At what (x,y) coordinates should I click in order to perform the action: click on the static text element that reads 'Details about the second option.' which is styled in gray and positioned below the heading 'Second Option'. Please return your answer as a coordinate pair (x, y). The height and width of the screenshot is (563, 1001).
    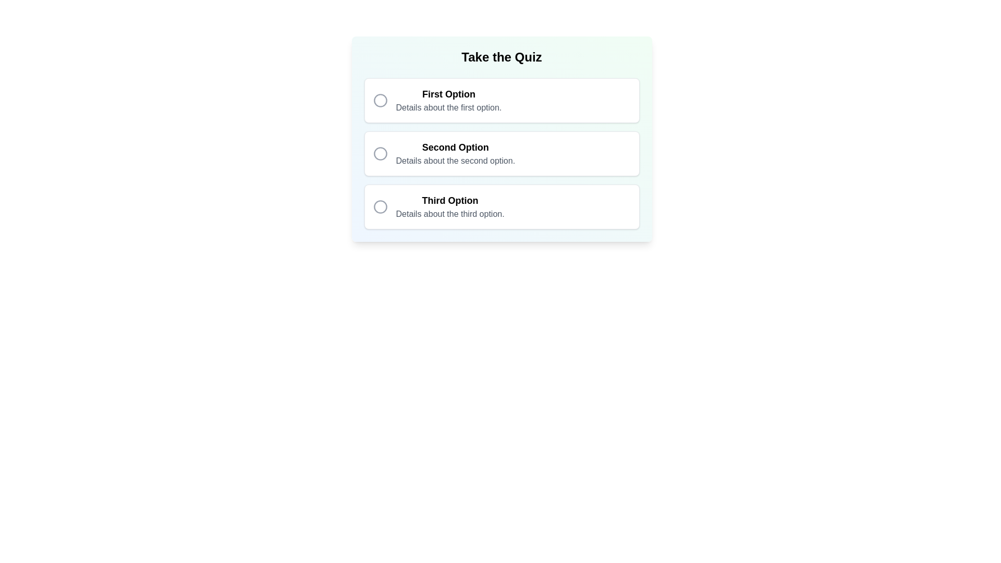
    Looking at the image, I should click on (455, 161).